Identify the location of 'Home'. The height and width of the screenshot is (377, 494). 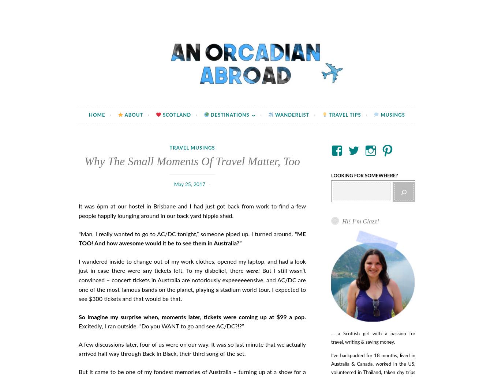
(89, 114).